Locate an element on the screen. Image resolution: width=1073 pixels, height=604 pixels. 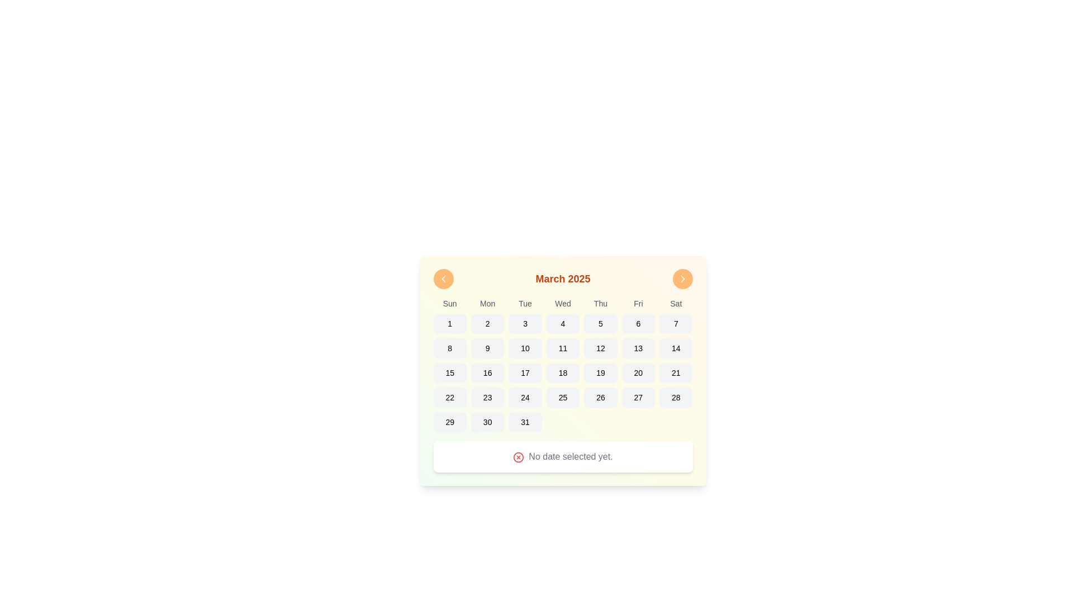
the text label indicating no date has been chosen yet, located in the bottom section of the calendar view is located at coordinates (563, 457).